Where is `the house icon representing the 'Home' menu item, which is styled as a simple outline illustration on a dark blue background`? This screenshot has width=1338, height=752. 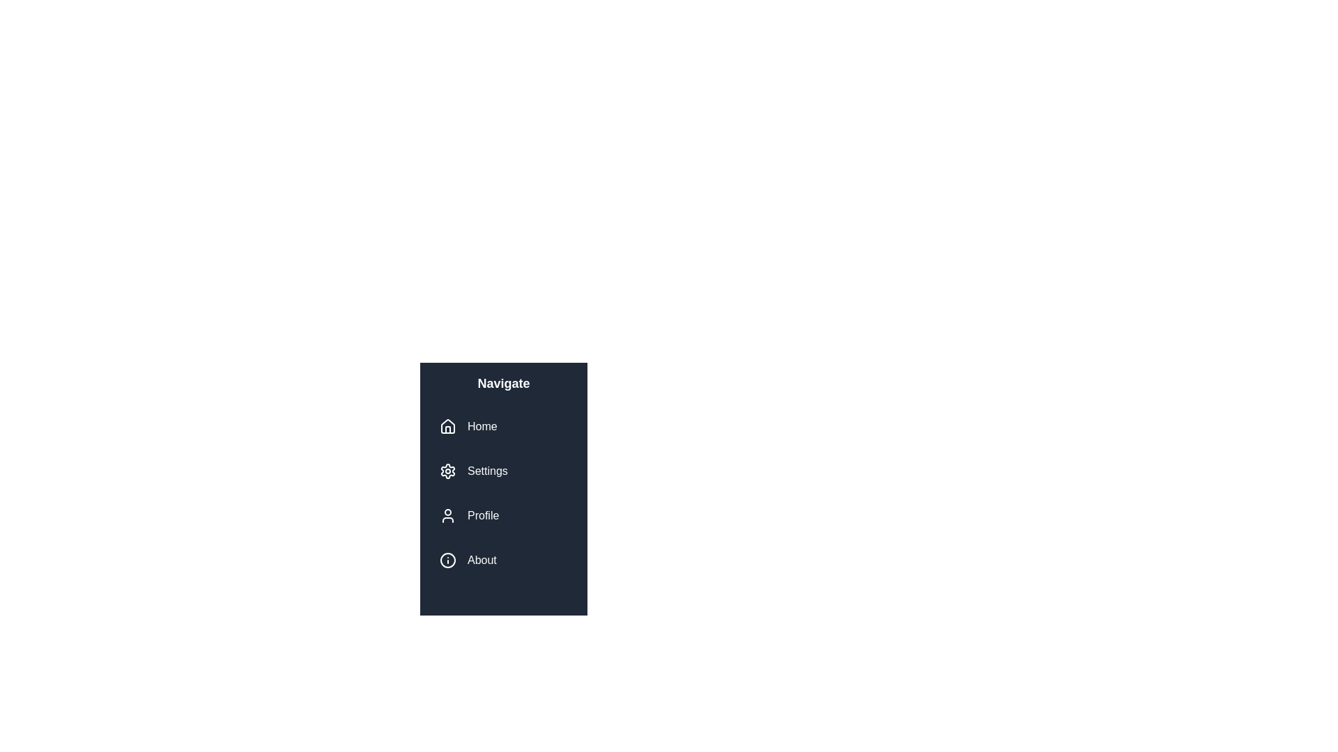 the house icon representing the 'Home' menu item, which is styled as a simple outline illustration on a dark blue background is located at coordinates (448, 426).